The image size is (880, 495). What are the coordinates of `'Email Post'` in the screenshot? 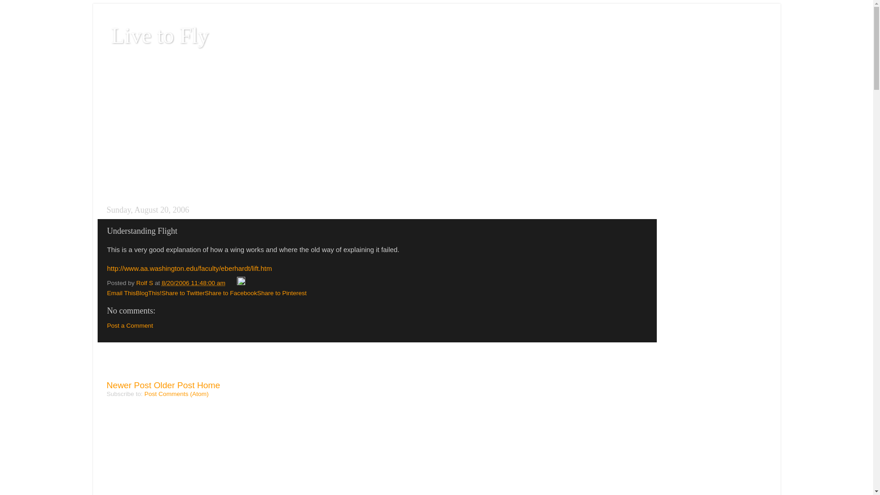 It's located at (231, 282).